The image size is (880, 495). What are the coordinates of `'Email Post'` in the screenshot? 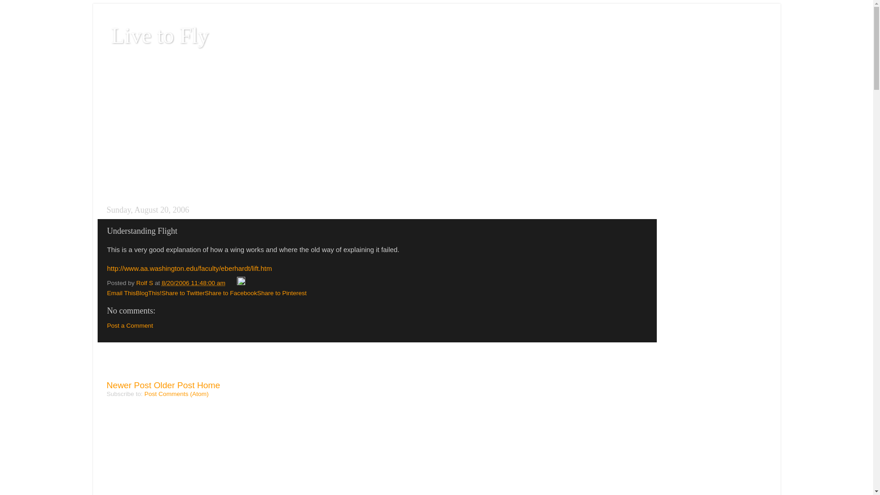 It's located at (231, 282).